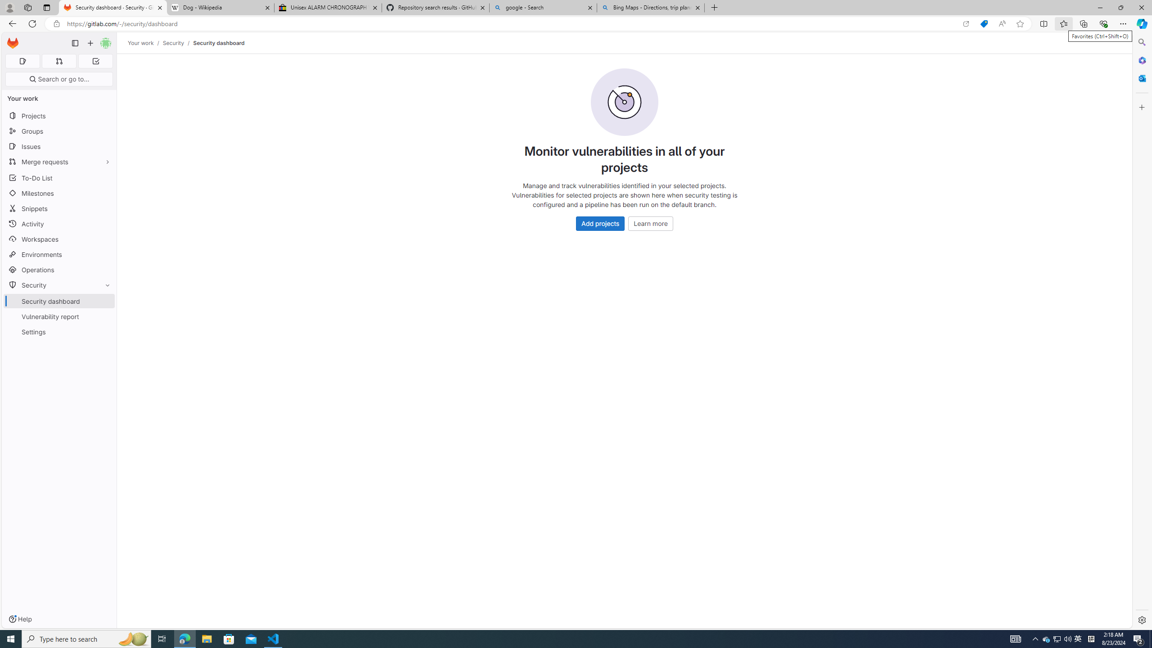  I want to click on 'Milestones', so click(58, 193).